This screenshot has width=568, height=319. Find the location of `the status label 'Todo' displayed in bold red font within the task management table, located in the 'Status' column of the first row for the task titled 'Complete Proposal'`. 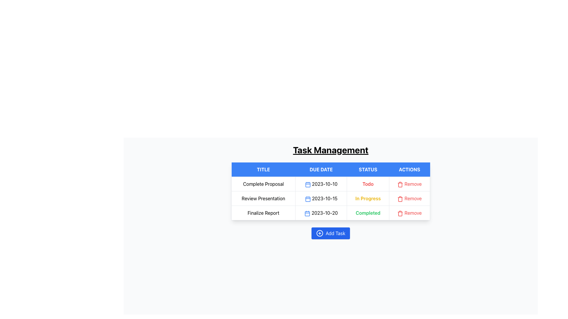

the status label 'Todo' displayed in bold red font within the task management table, located in the 'Status' column of the first row for the task titled 'Complete Proposal' is located at coordinates (368, 184).